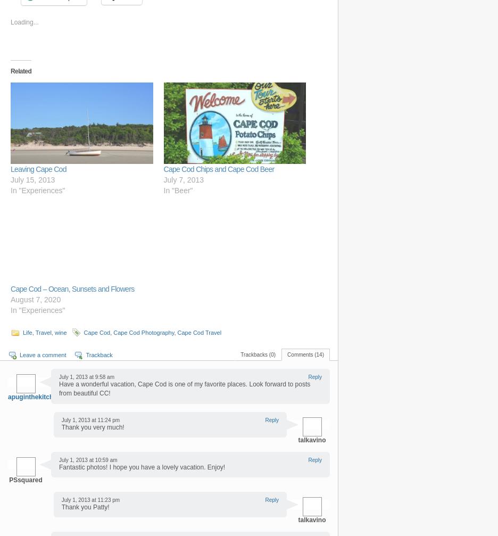 The width and height of the screenshot is (498, 536). I want to click on 'Trackbacks (0)', so click(258, 353).